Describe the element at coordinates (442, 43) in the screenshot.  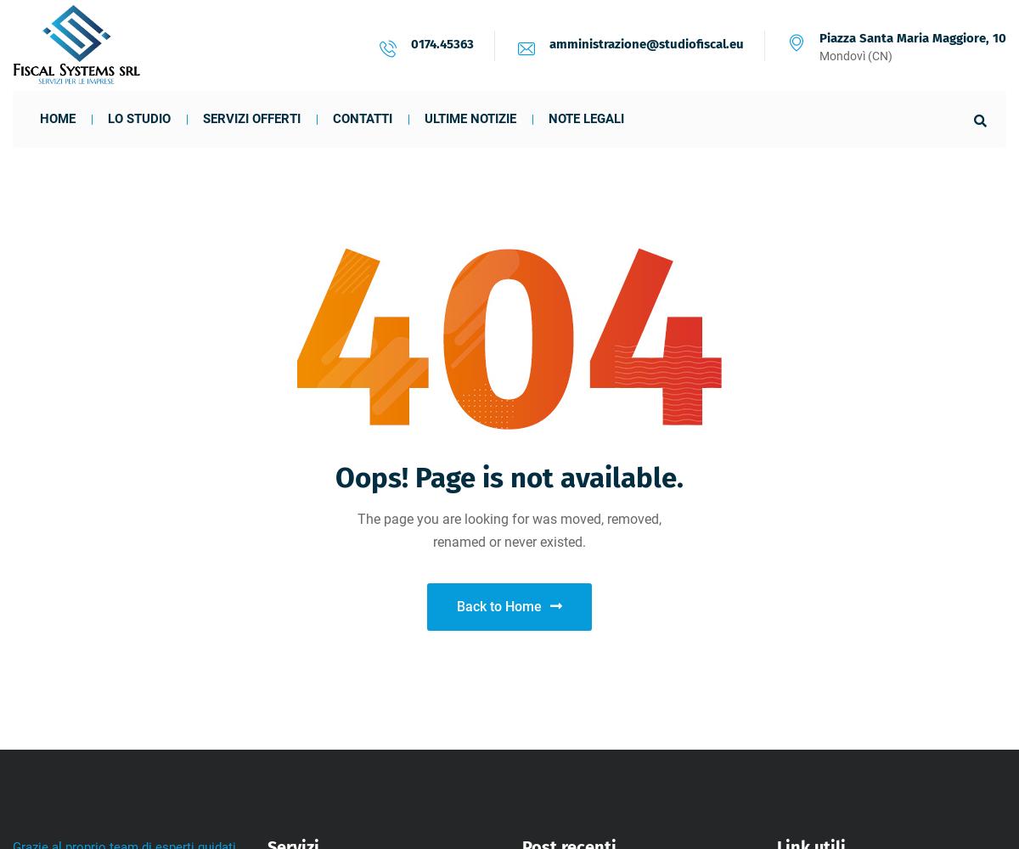
I see `'0174.45363'` at that location.